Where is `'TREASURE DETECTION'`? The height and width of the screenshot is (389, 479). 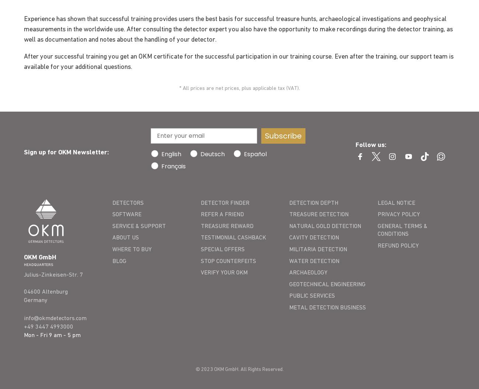 'TREASURE DETECTION' is located at coordinates (319, 214).